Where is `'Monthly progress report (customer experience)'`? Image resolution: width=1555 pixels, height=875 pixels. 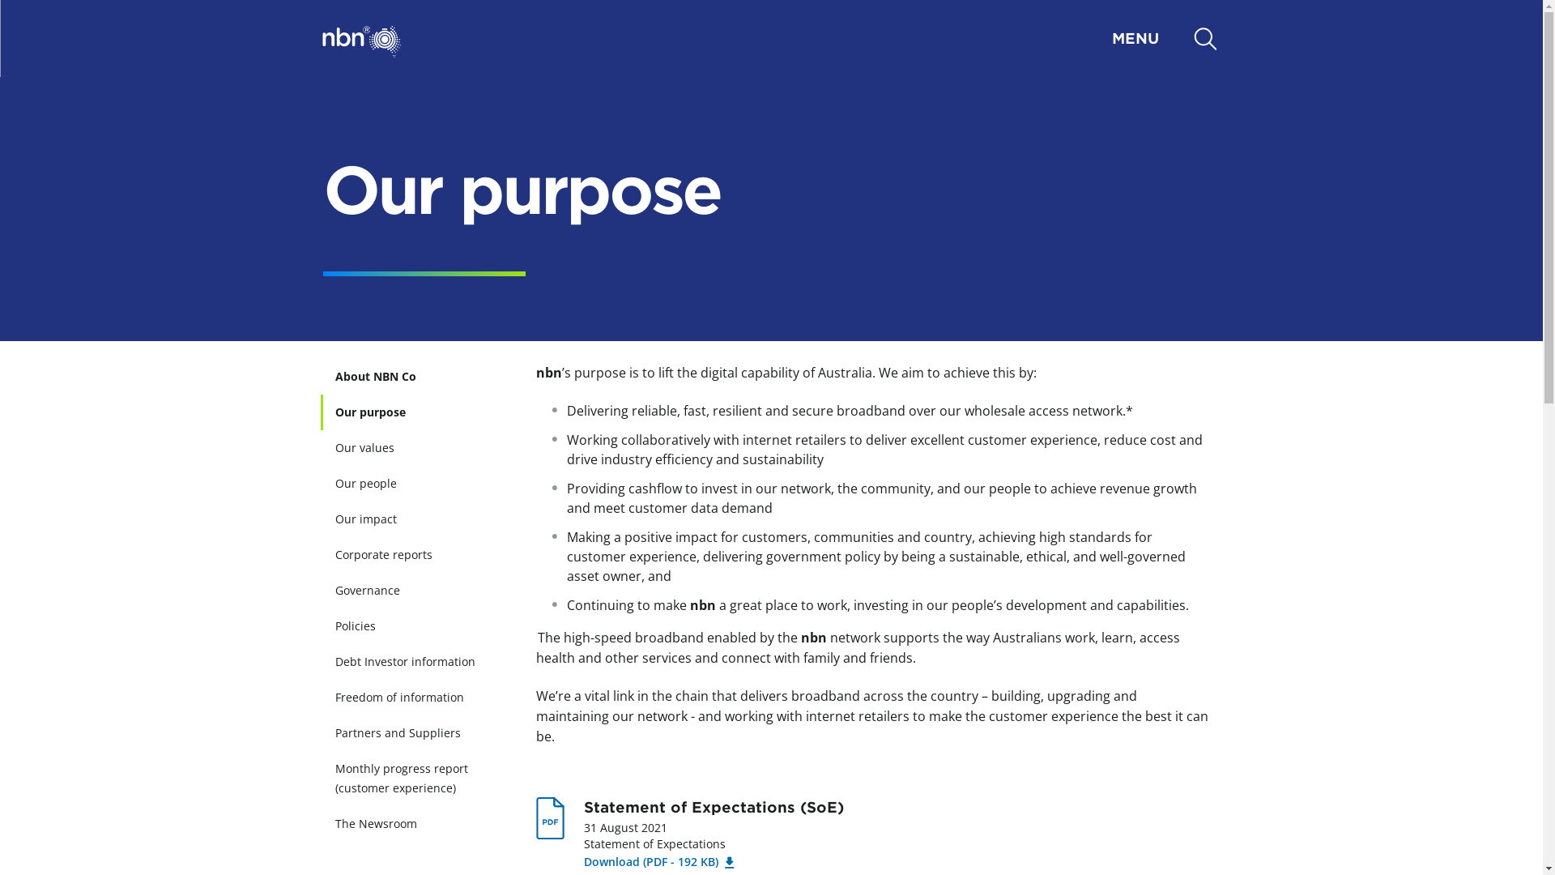
'Monthly progress report (customer experience)' is located at coordinates (415, 777).